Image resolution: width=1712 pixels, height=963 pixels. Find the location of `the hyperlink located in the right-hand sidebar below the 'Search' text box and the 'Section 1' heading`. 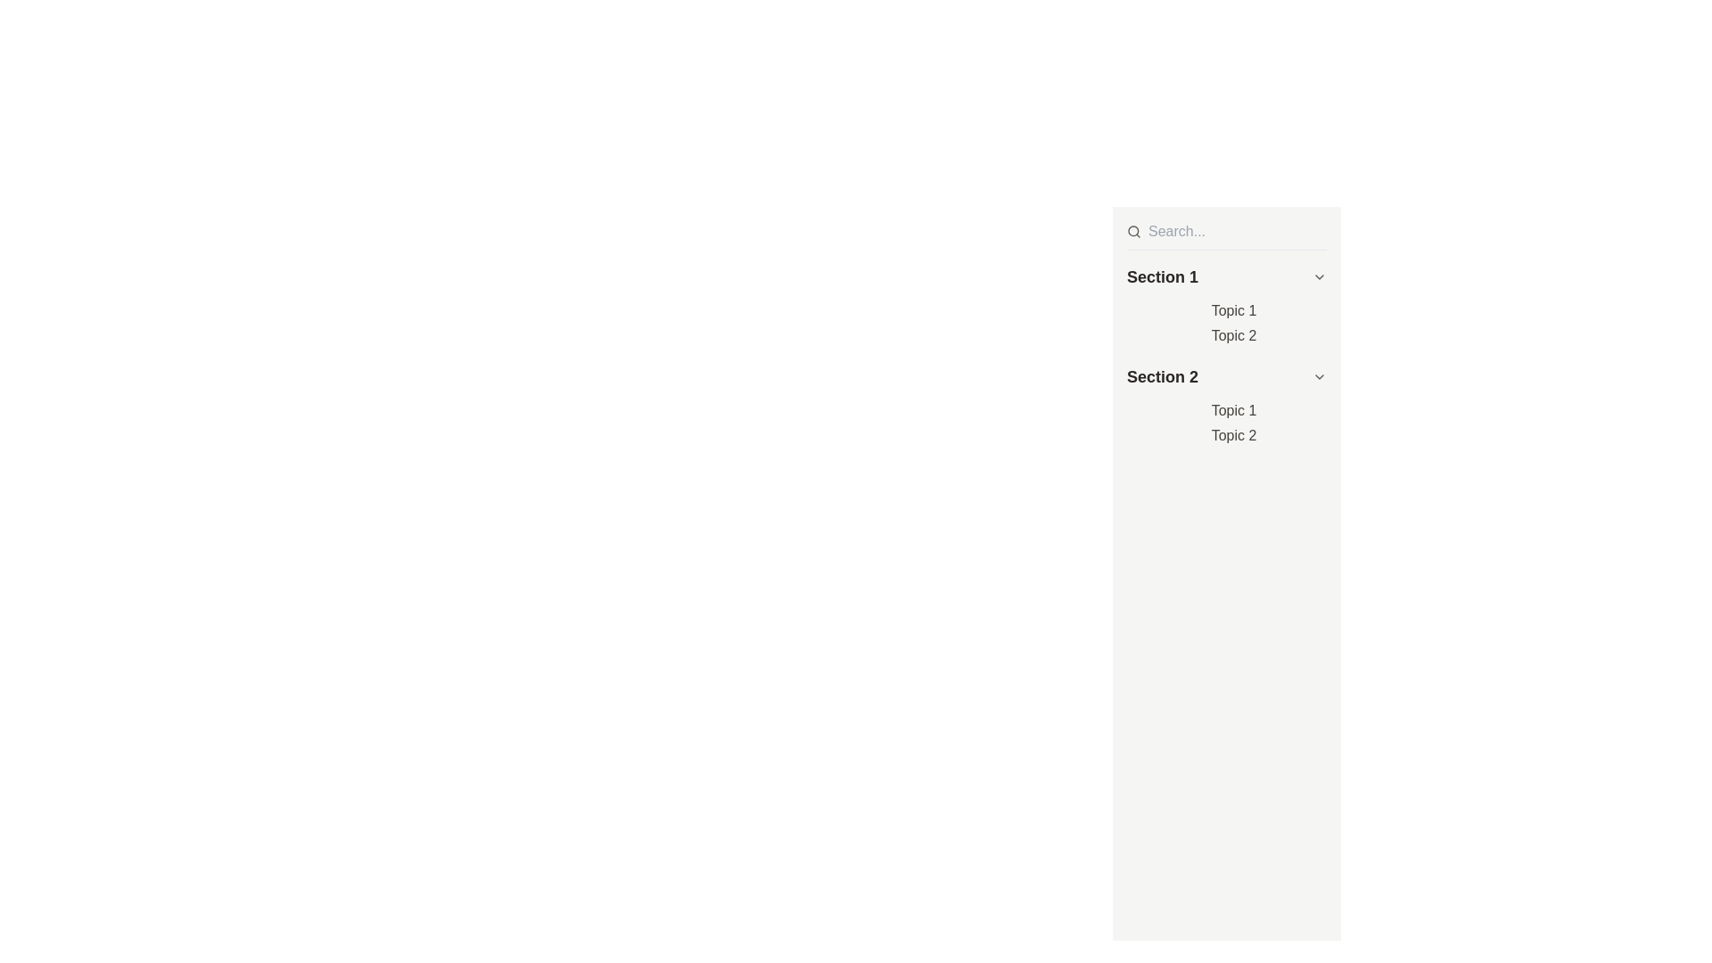

the hyperlink located in the right-hand sidebar below the 'Search' text box and the 'Section 1' heading is located at coordinates (1232, 309).